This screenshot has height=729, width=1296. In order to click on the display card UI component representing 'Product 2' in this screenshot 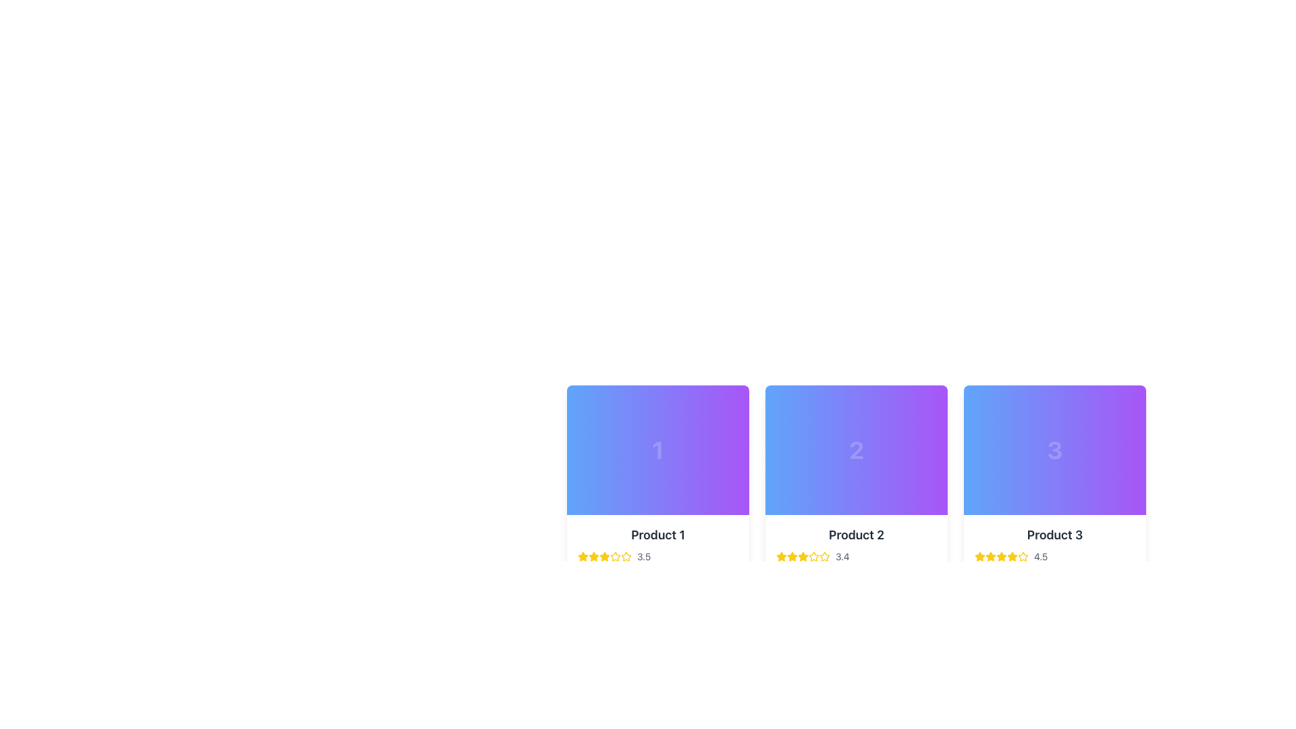, I will do `click(855, 456)`.